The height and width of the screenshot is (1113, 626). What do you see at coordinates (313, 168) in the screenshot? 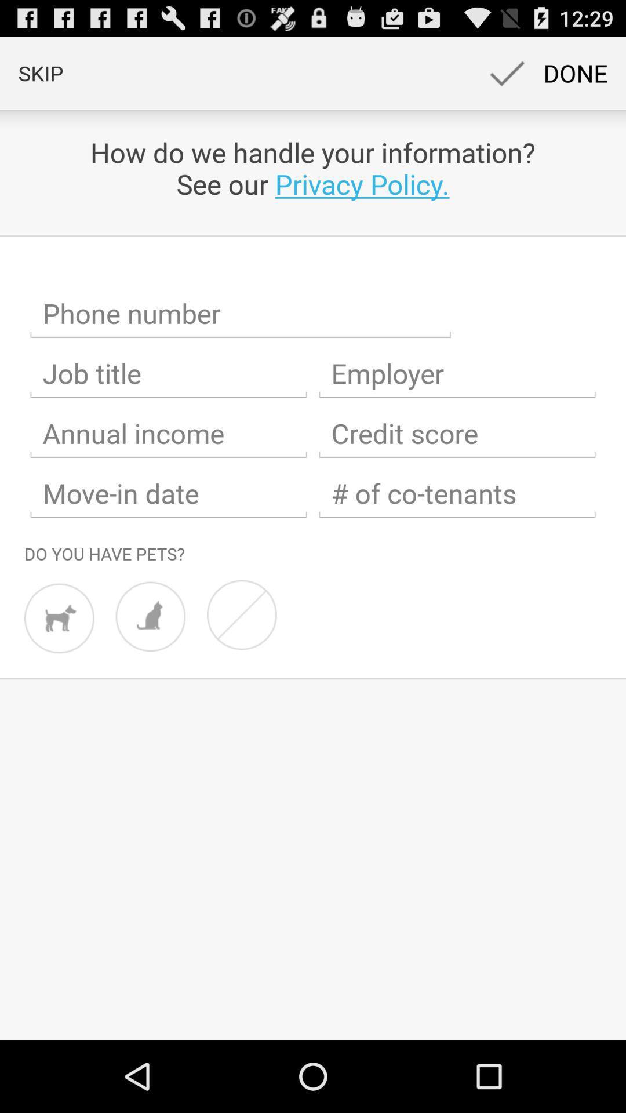
I see `the app below skip app` at bounding box center [313, 168].